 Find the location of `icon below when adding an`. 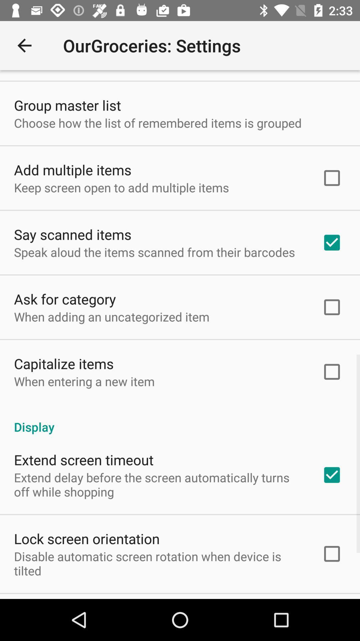

icon below when adding an is located at coordinates (64, 363).